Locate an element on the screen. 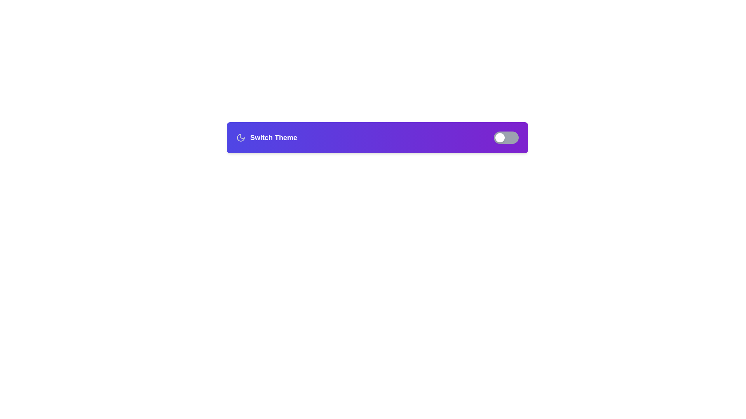 The height and width of the screenshot is (419, 746). the toggle switch styled as a rounded rectangle with a gray background and a white circular knob is located at coordinates (506, 137).